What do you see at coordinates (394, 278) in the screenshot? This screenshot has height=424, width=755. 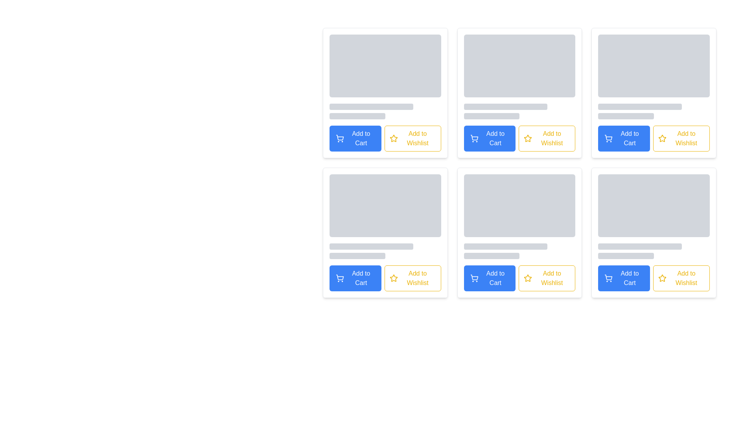 I see `the yellow star icon representing the 'favorite' or 'add to wishlist' functionality, located within the 'Add to Wishlist' button on the item card` at bounding box center [394, 278].